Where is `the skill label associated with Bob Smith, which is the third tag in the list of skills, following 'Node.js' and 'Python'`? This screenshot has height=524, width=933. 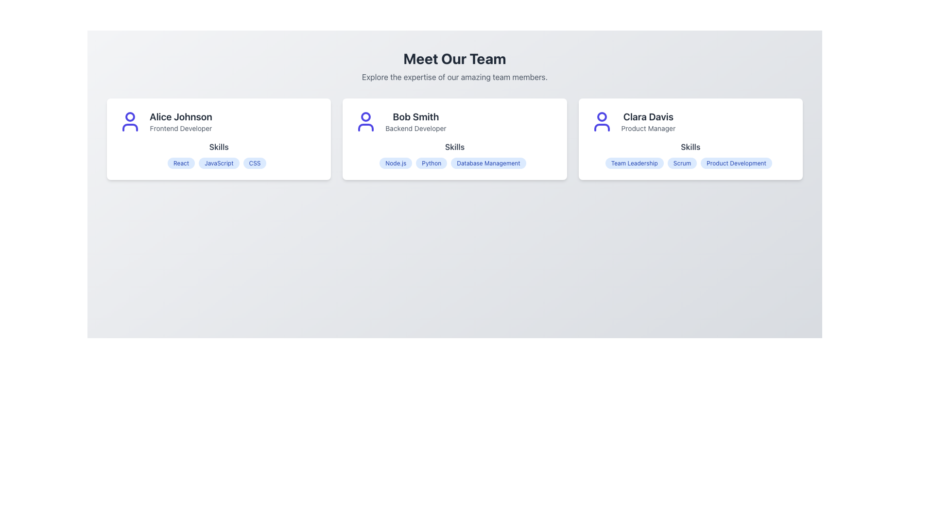
the skill label associated with Bob Smith, which is the third tag in the list of skills, following 'Node.js' and 'Python' is located at coordinates (488, 163).